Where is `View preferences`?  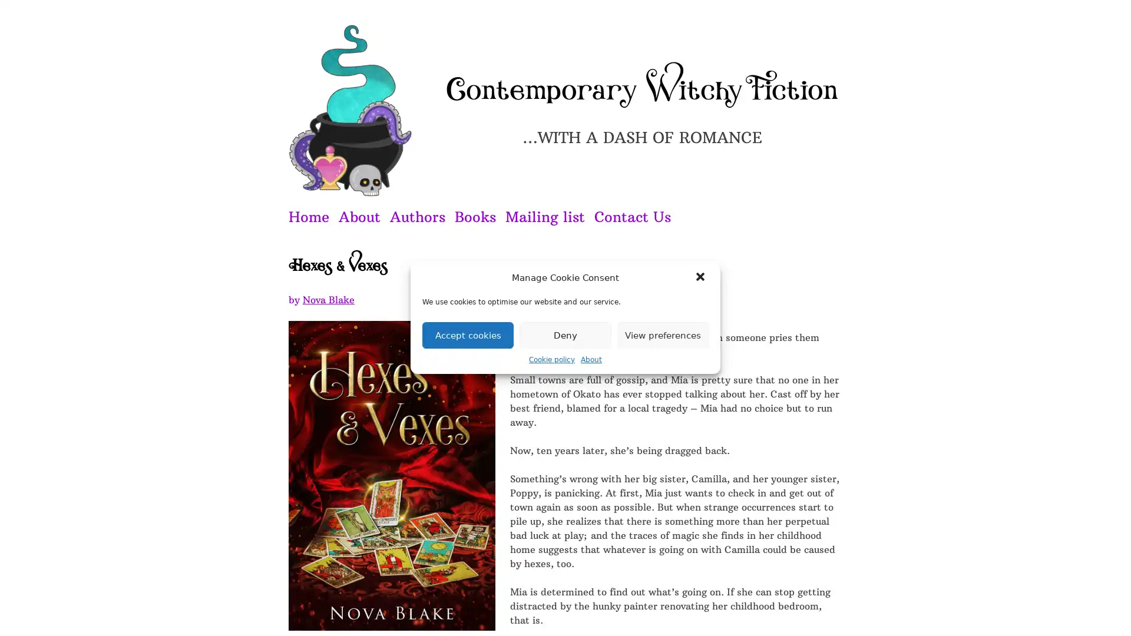
View preferences is located at coordinates (662, 335).